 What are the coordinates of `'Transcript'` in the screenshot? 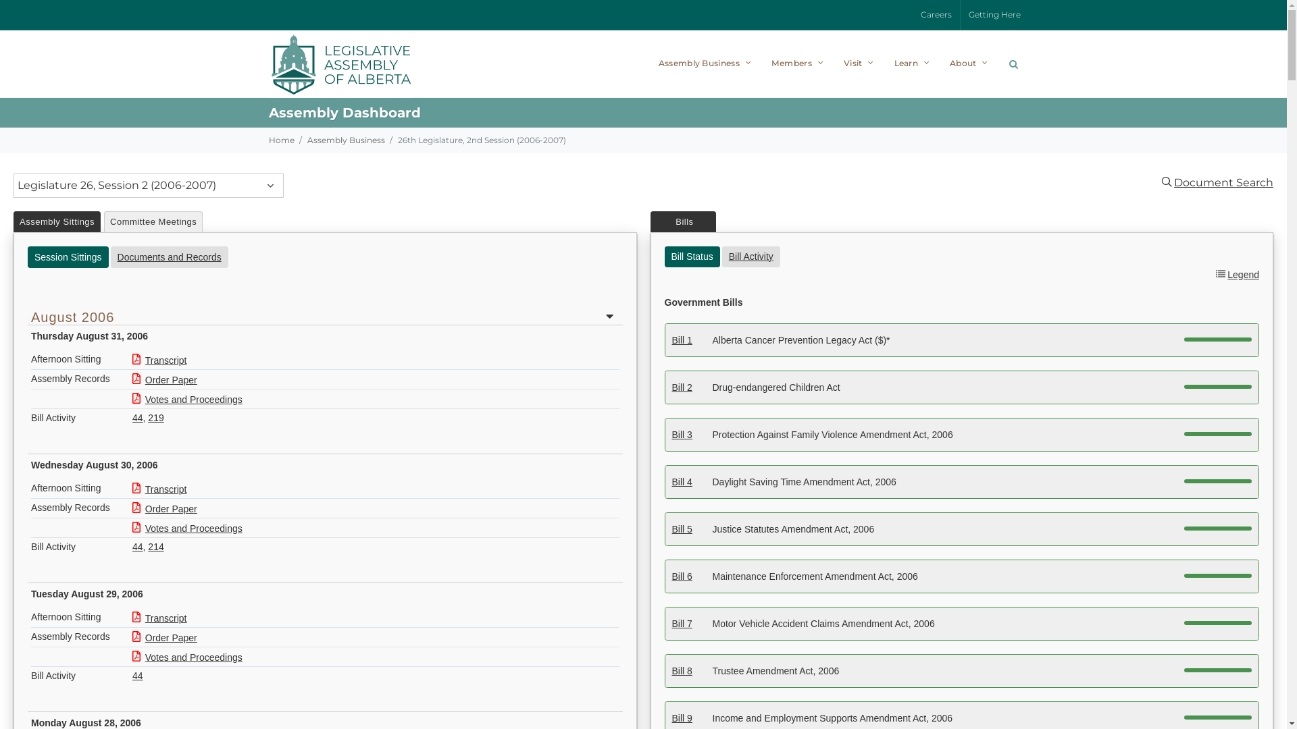 It's located at (132, 359).